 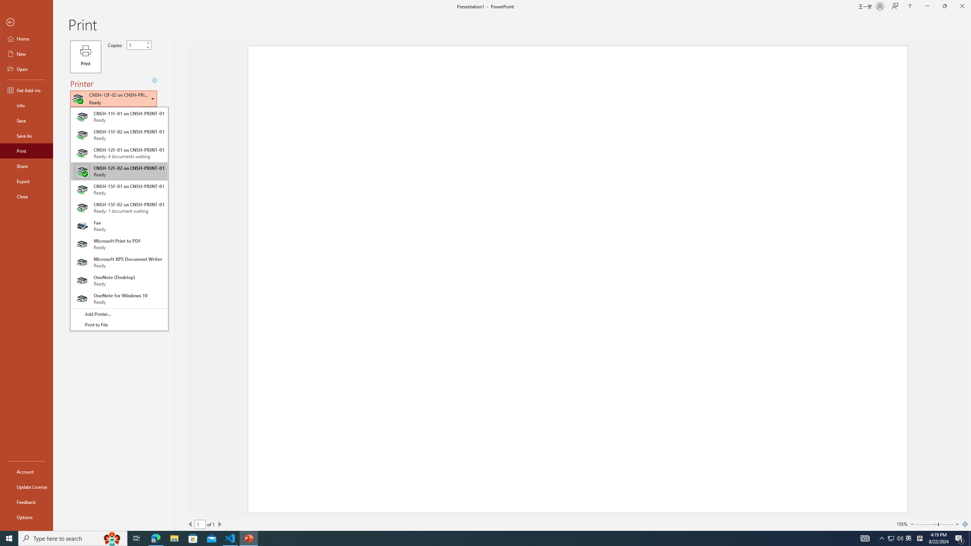 What do you see at coordinates (26, 53) in the screenshot?
I see `'New'` at bounding box center [26, 53].